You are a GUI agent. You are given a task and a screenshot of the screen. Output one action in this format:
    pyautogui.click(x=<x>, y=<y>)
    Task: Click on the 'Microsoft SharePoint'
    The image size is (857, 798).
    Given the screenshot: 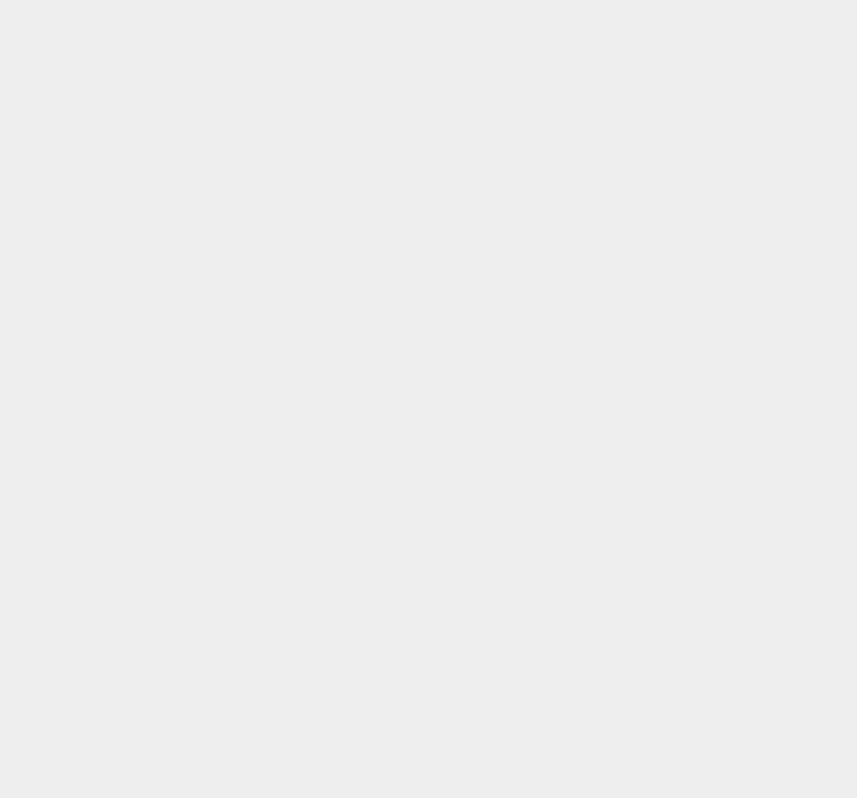 What is the action you would take?
    pyautogui.click(x=605, y=121)
    